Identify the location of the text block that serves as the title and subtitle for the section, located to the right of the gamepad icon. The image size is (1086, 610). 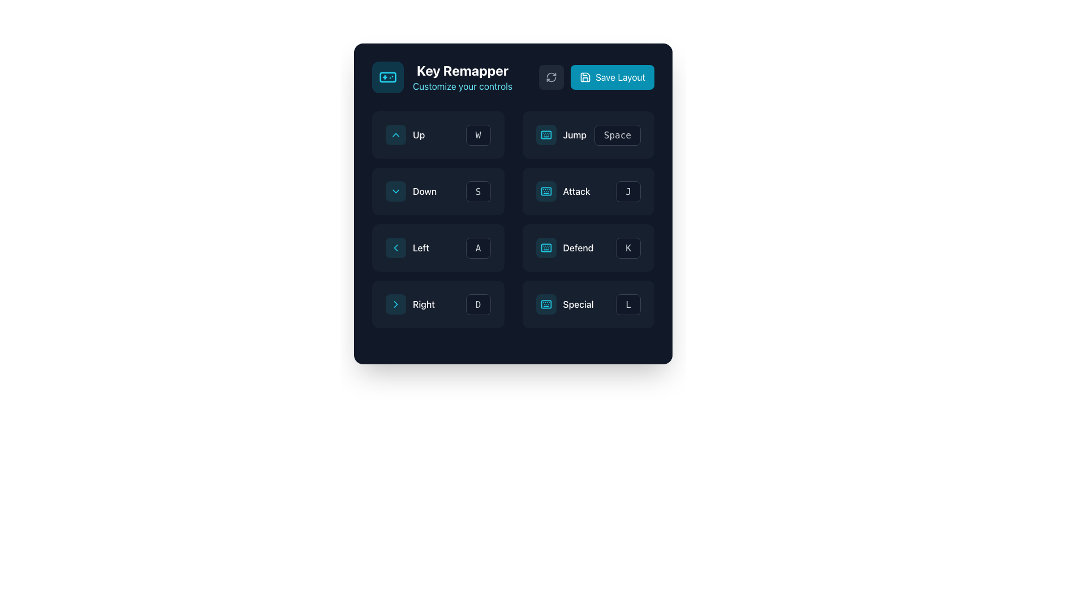
(462, 77).